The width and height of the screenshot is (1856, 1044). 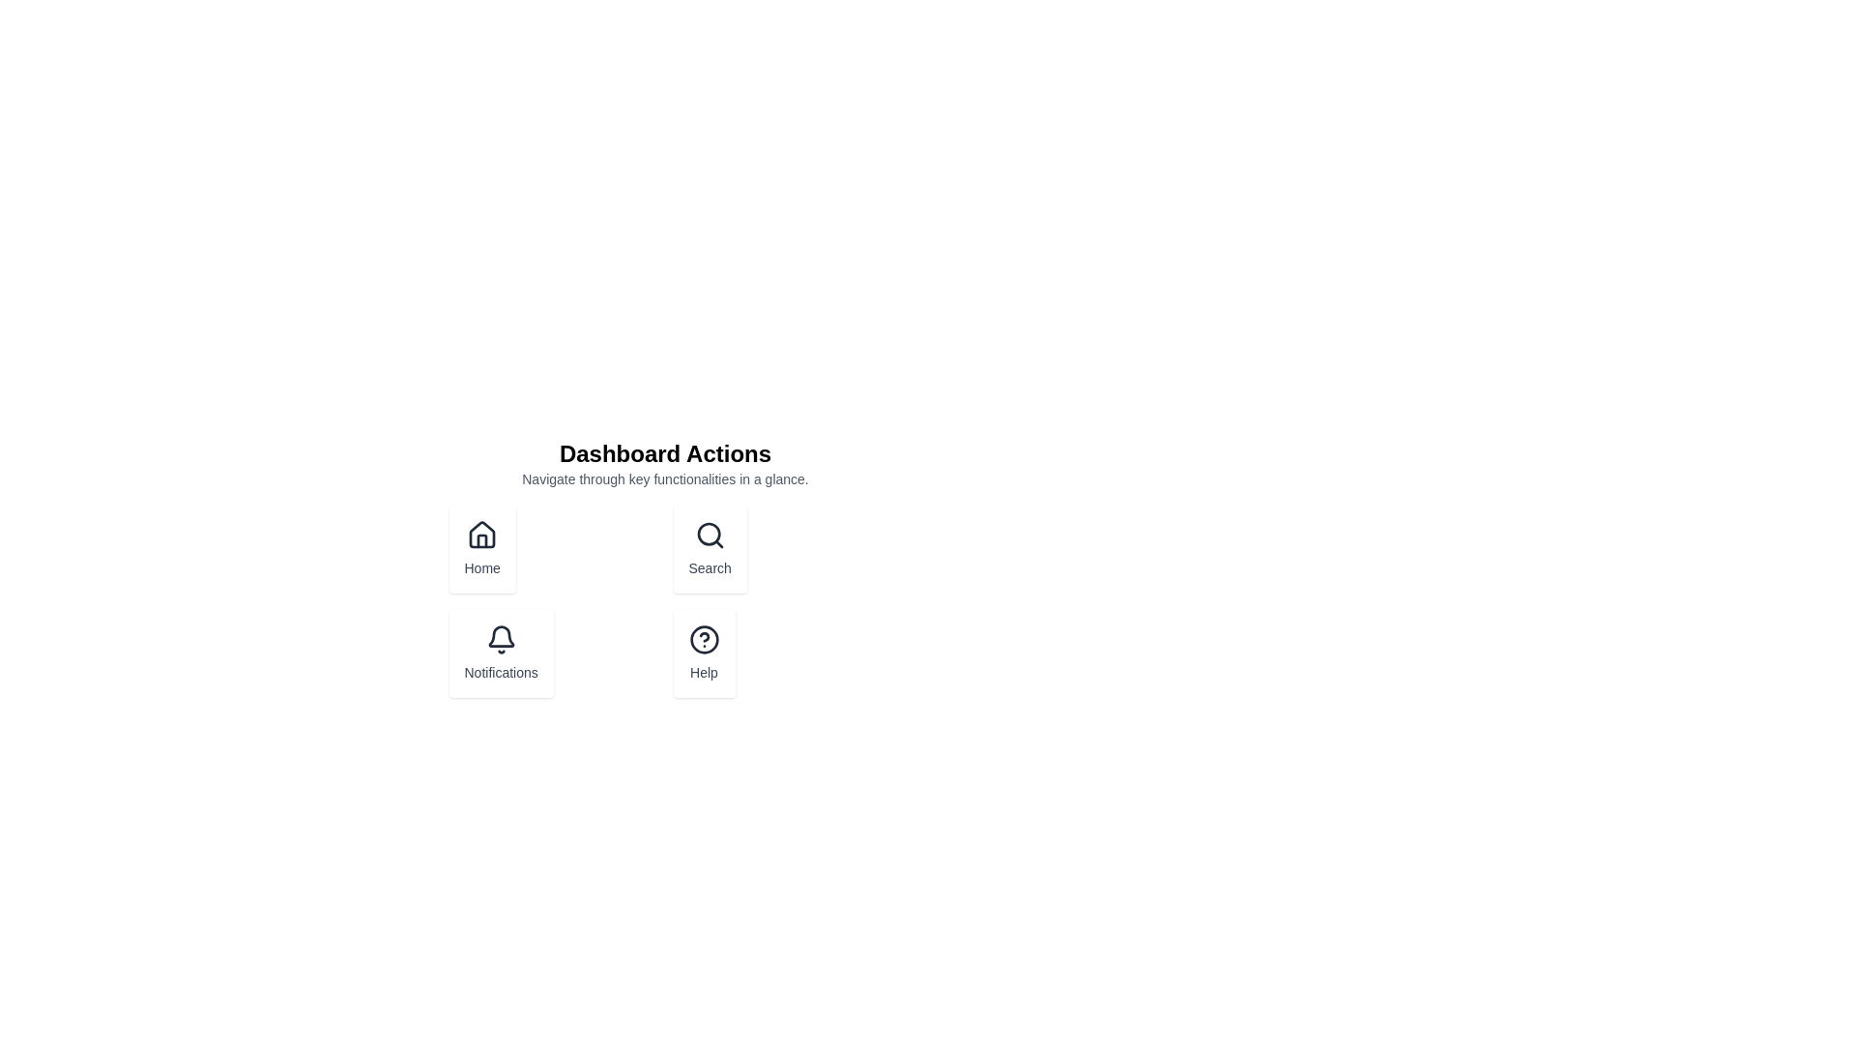 I want to click on the search button located in the top-right section of the grid under 'Dashboard Actions' to activate its styling effect, so click(x=709, y=548).